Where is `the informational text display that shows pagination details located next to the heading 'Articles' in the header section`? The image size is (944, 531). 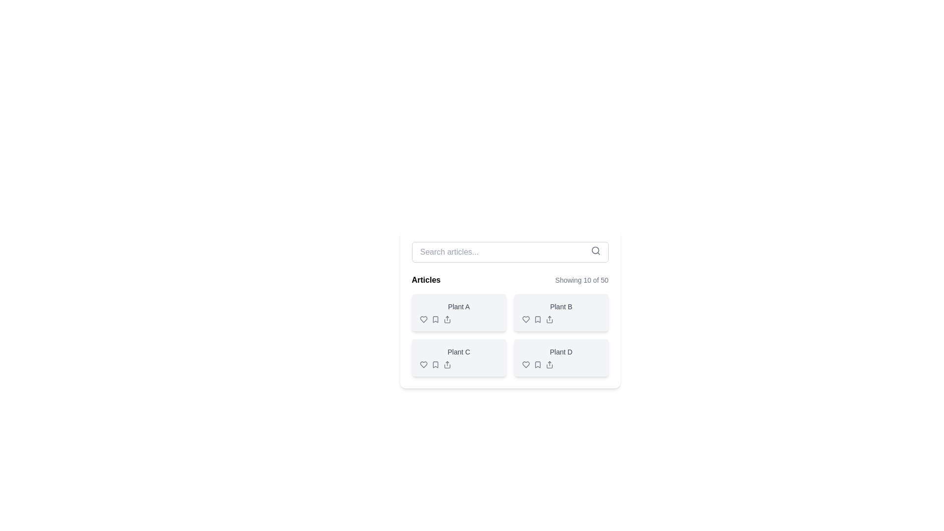
the informational text display that shows pagination details located next to the heading 'Articles' in the header section is located at coordinates (582, 280).